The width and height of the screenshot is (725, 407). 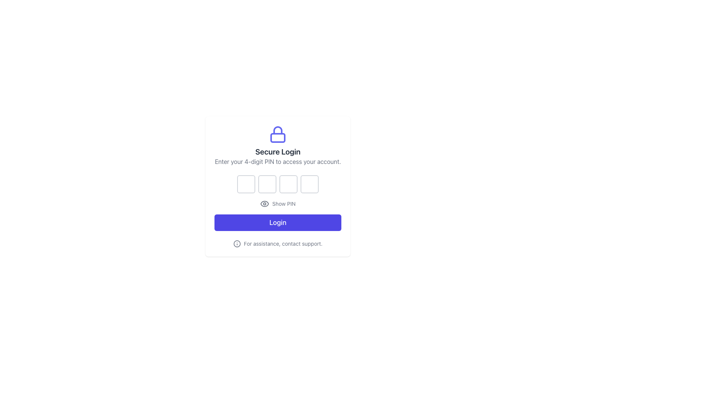 What do you see at coordinates (284, 203) in the screenshot?
I see `the text label that informs the user about the functionality of the adjacent eye icon, which toggles the visibility of the PIN code inputted above` at bounding box center [284, 203].